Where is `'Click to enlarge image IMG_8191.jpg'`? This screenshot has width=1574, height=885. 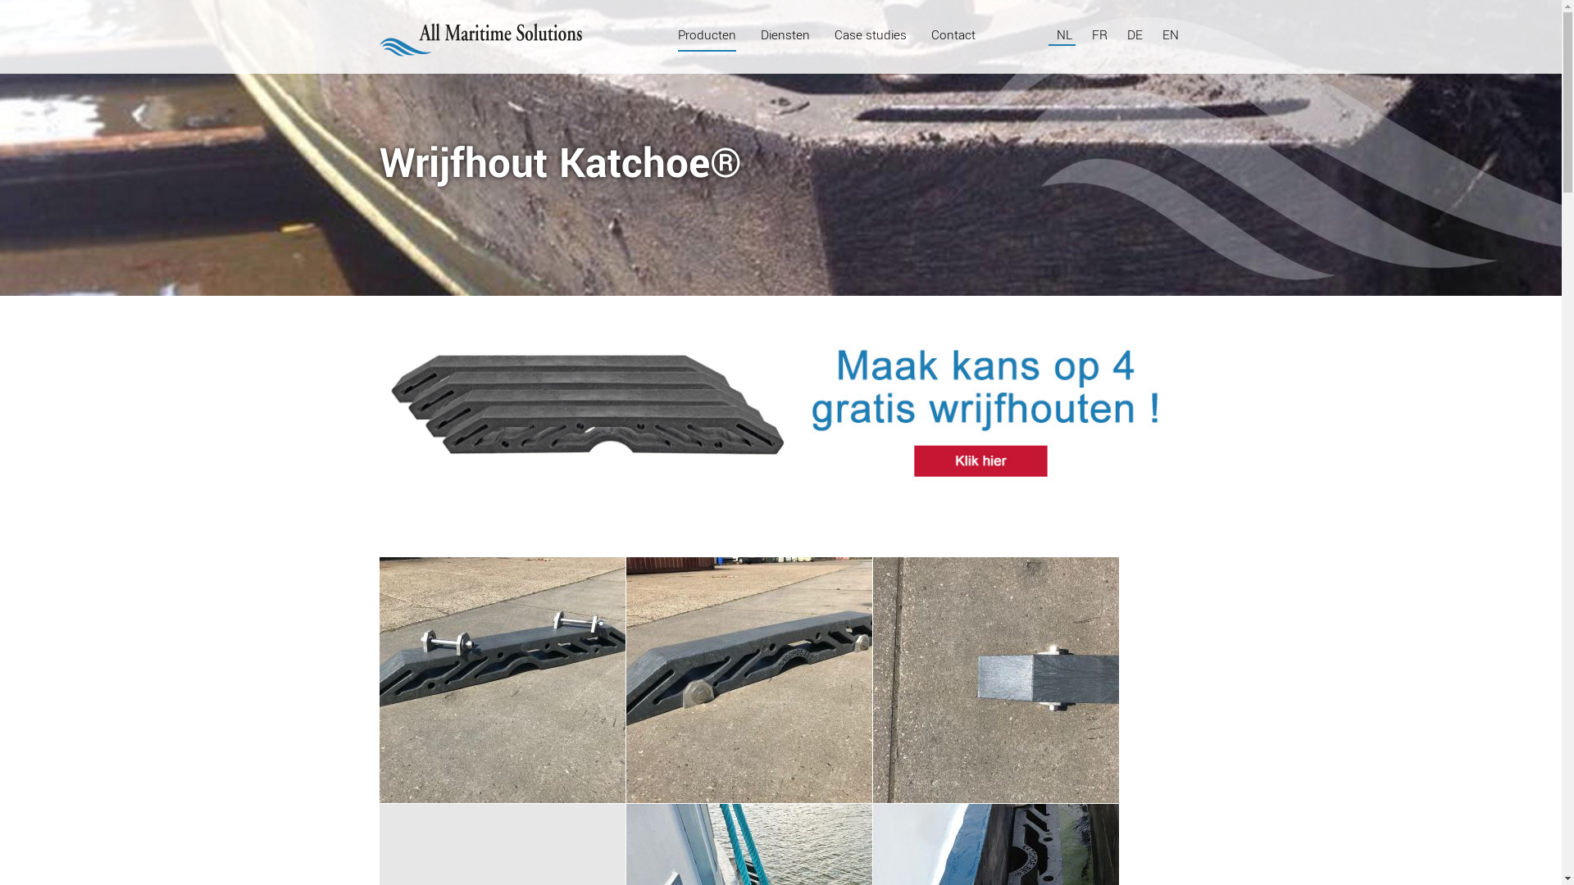 'Click to enlarge image IMG_8191.jpg' is located at coordinates (500, 679).